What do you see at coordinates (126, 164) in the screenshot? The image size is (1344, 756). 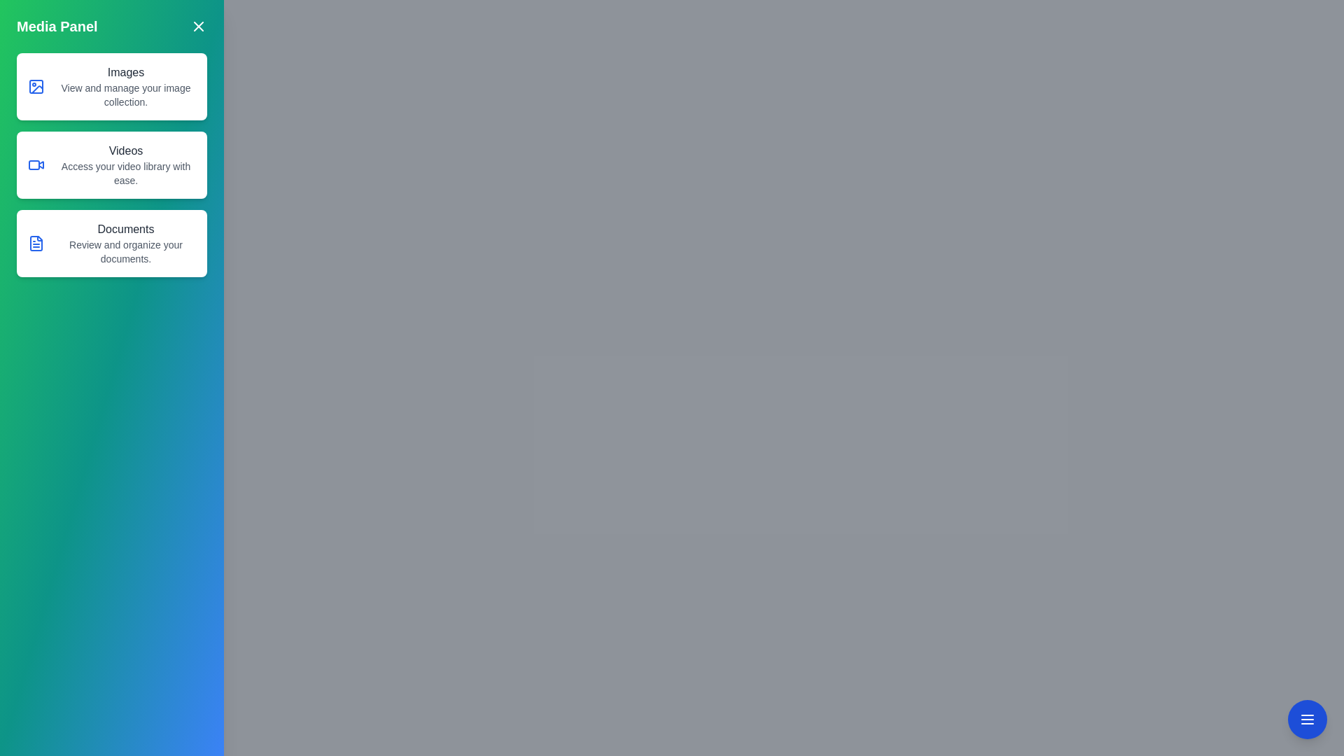 I see `the Informational Text Block that describes the video library access feature, located in the middle card of three stacked cards on the left panel` at bounding box center [126, 164].